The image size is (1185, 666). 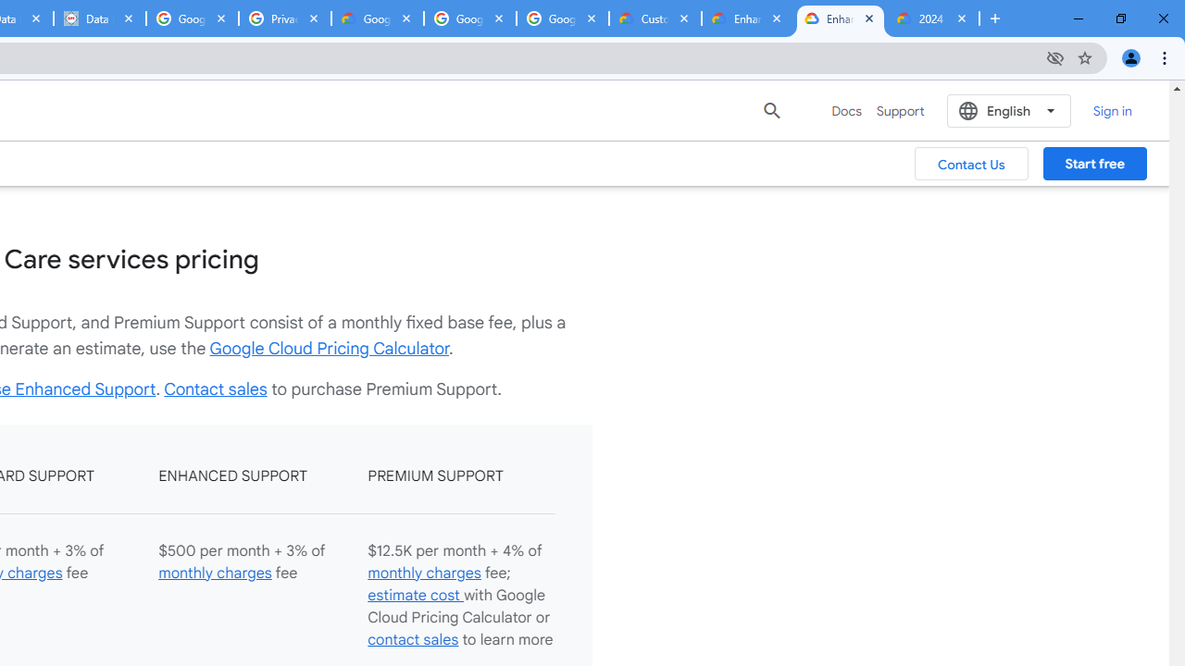 I want to click on 'Google Cloud Pricing Calculator', so click(x=330, y=348).